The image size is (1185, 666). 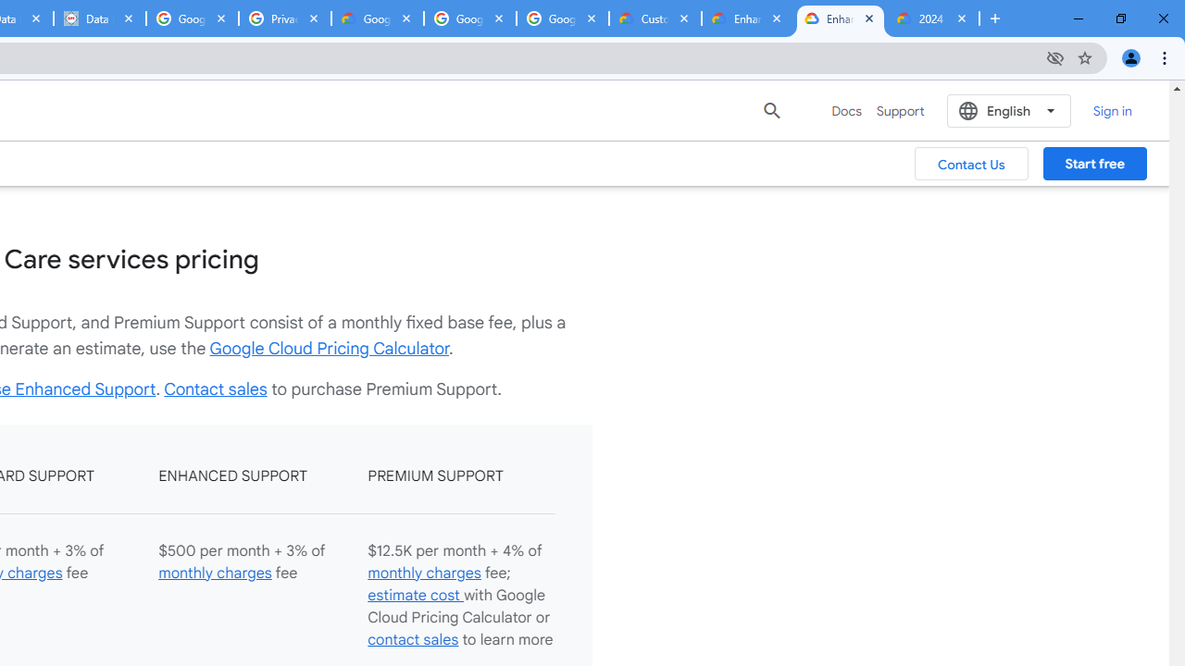 I want to click on 'Google Cloud Pricing Calculator', so click(x=330, y=348).